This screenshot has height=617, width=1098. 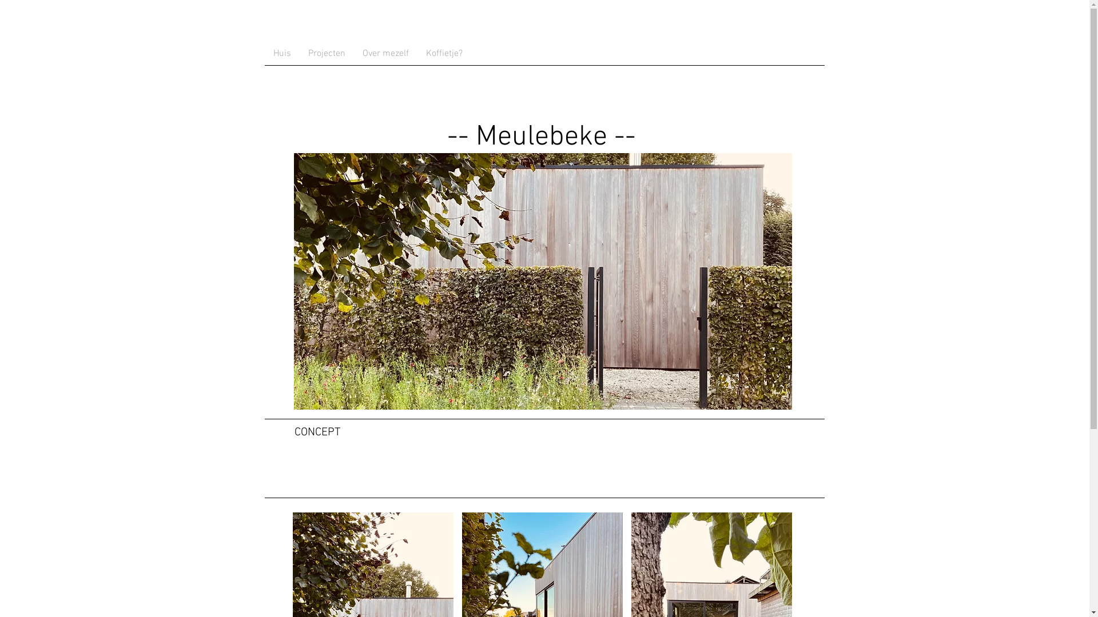 I want to click on 'Over mezelf', so click(x=385, y=53).